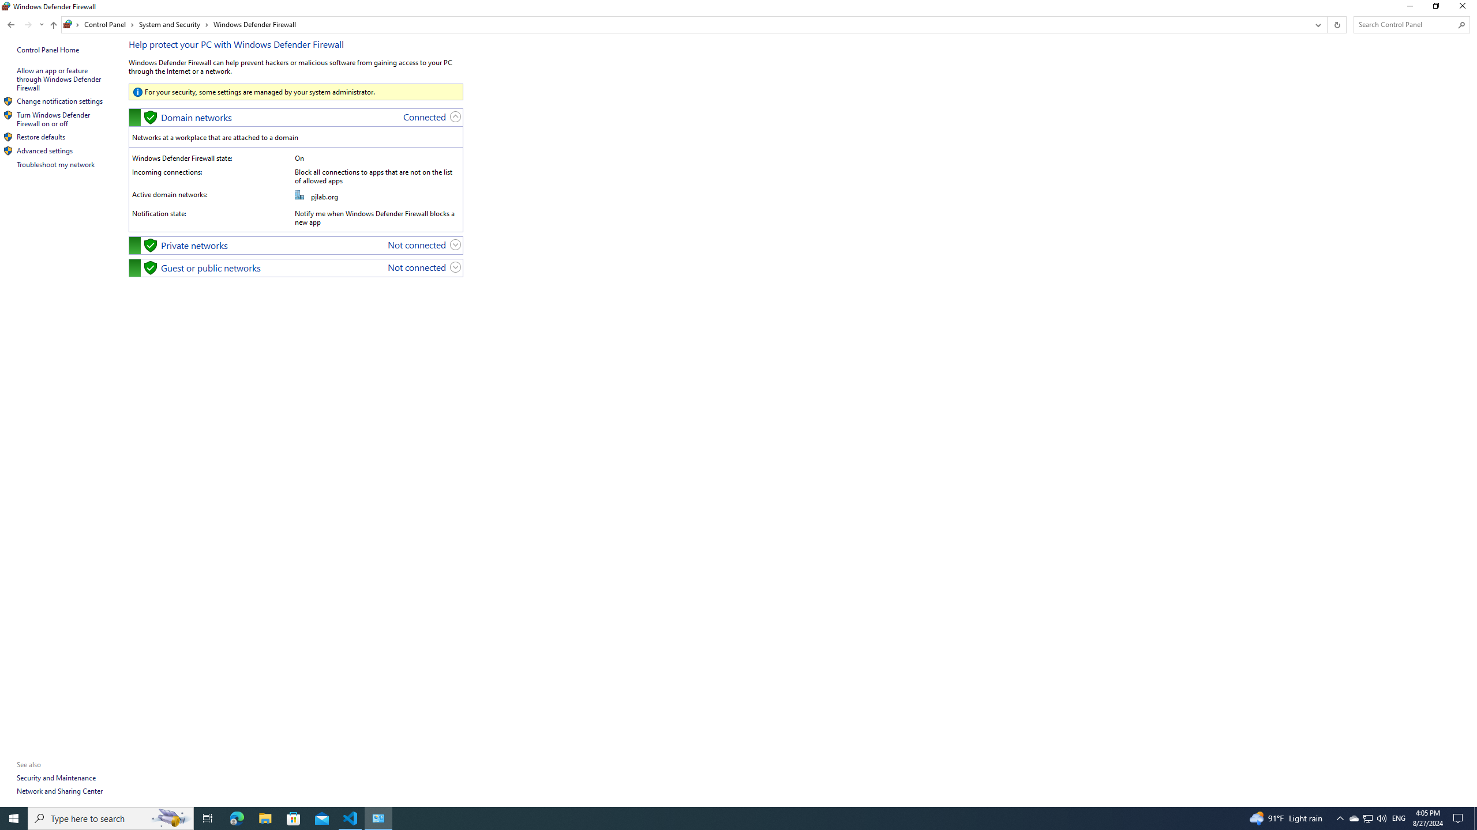 The image size is (1477, 830). What do you see at coordinates (207, 817) in the screenshot?
I see `'Task View'` at bounding box center [207, 817].